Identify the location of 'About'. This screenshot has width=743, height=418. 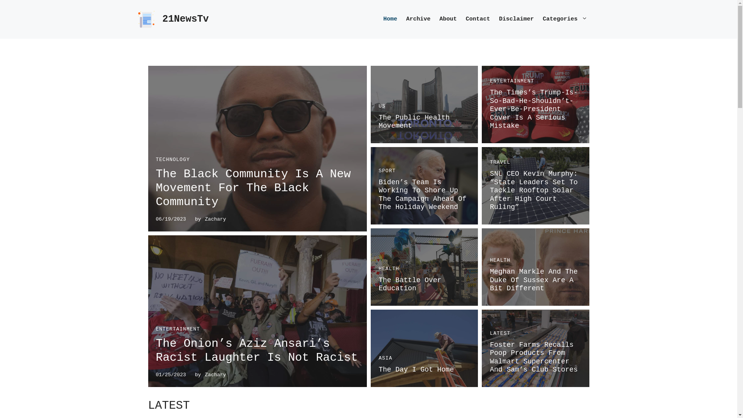
(449, 19).